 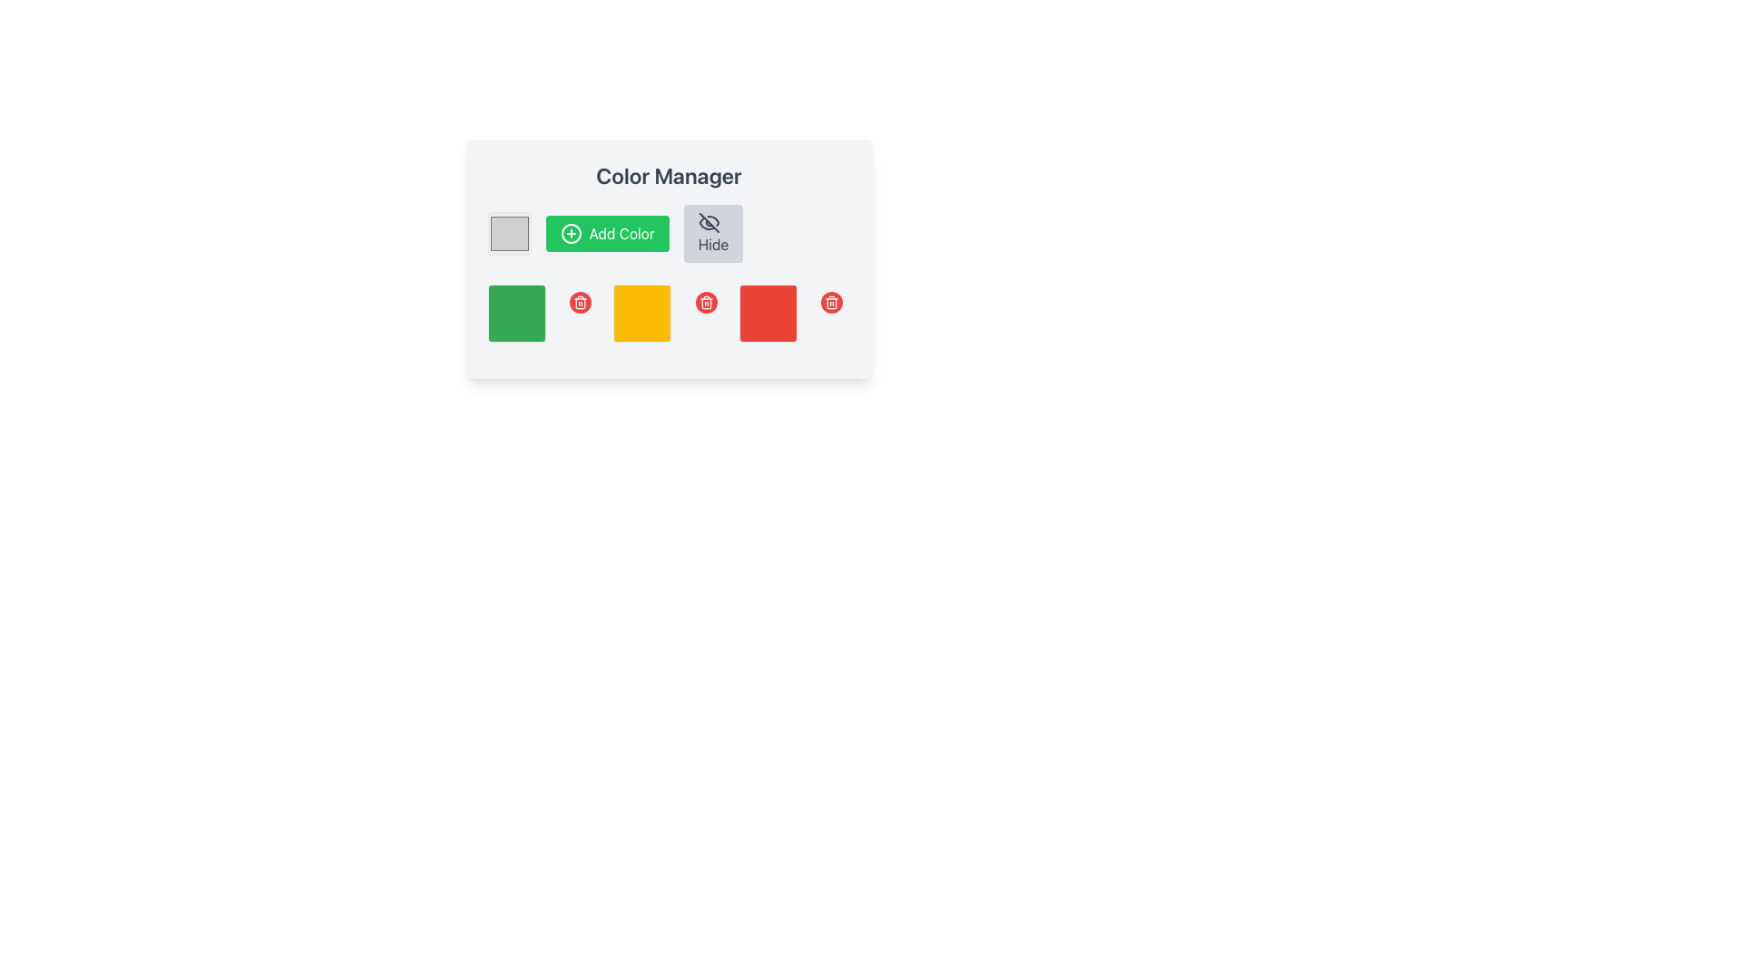 What do you see at coordinates (712, 233) in the screenshot?
I see `the third button in the interface, which toggles the visibility of elements related to the 'Color Manager'` at bounding box center [712, 233].